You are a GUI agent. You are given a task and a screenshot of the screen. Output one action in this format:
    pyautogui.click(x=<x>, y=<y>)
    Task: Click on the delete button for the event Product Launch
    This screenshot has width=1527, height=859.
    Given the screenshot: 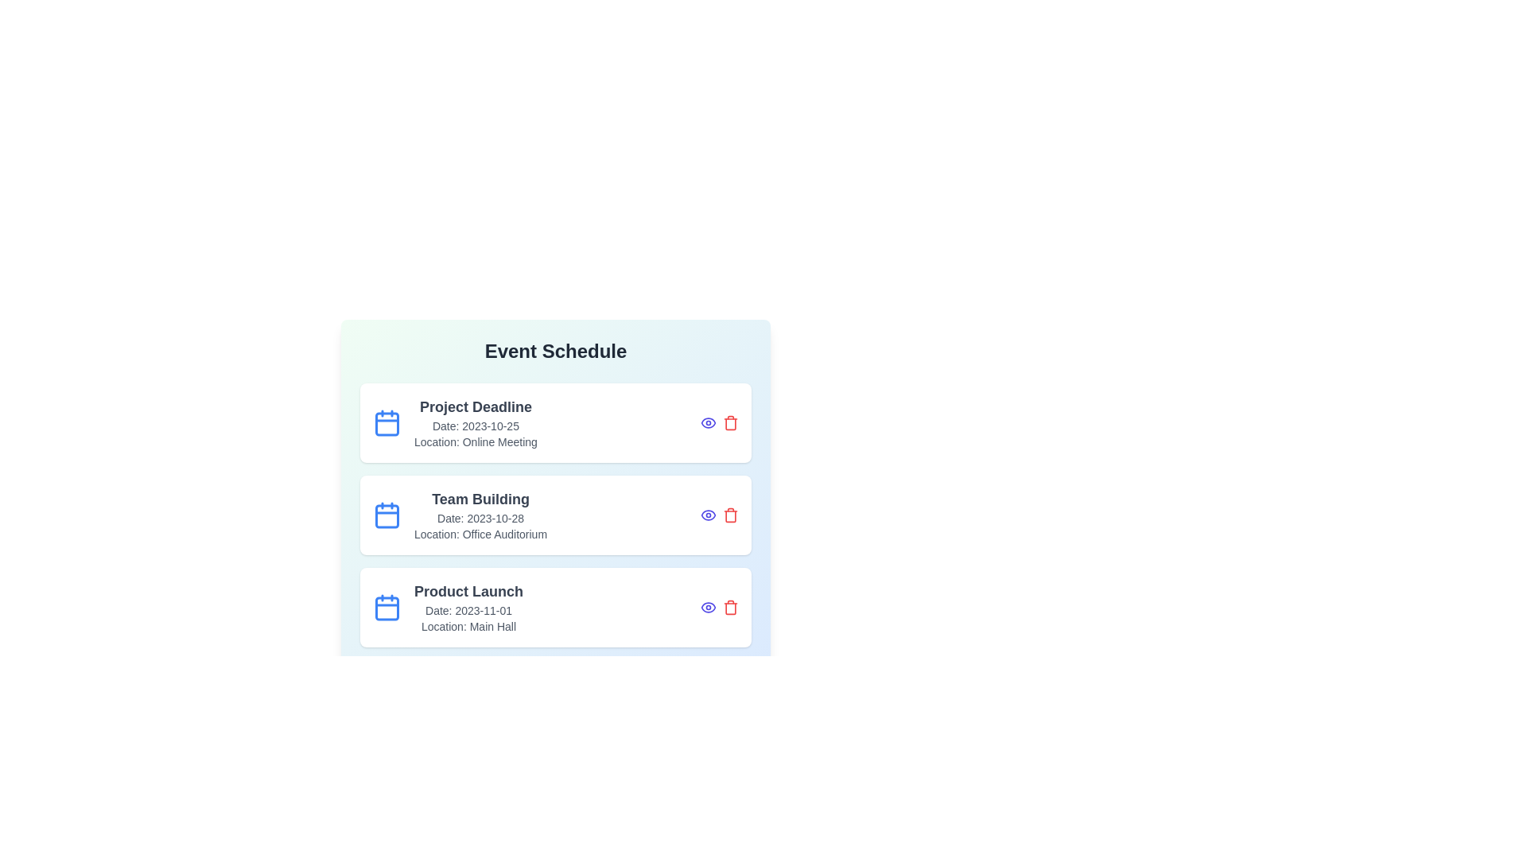 What is the action you would take?
    pyautogui.click(x=729, y=607)
    